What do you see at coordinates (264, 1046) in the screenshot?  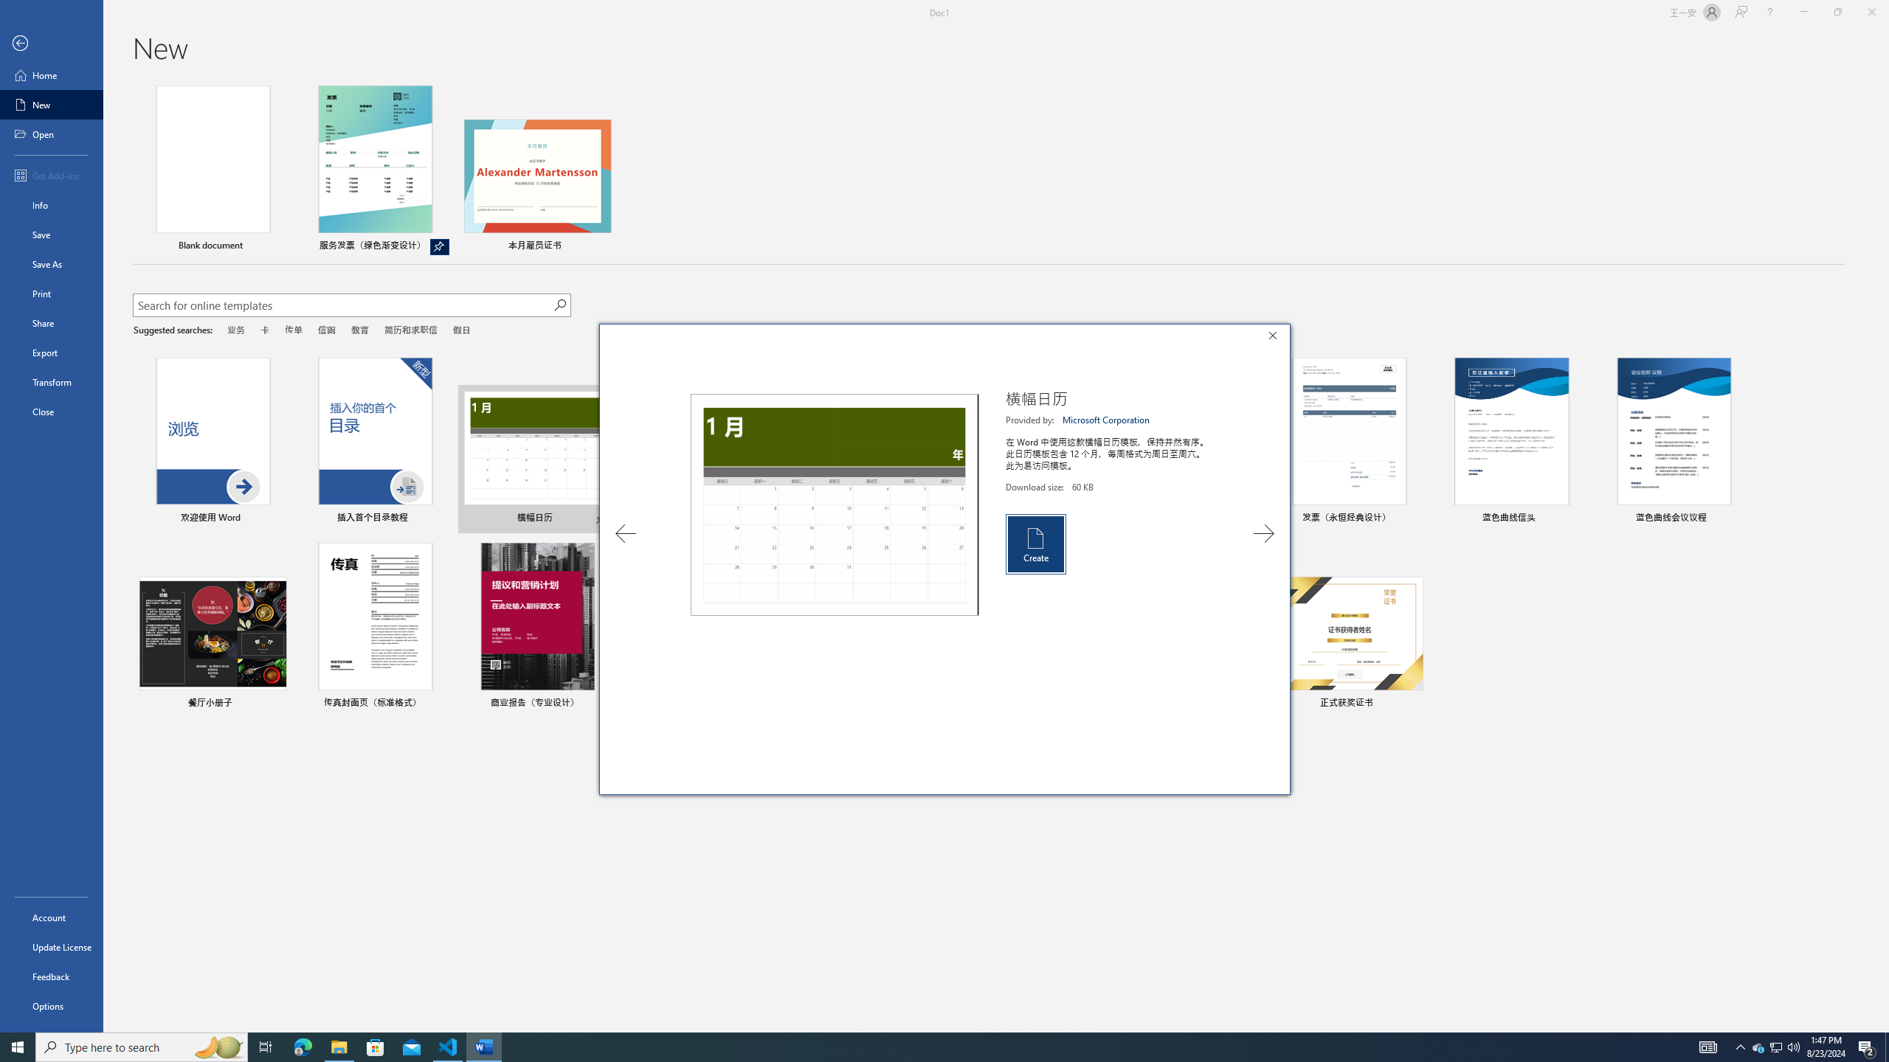 I see `'Task View'` at bounding box center [264, 1046].